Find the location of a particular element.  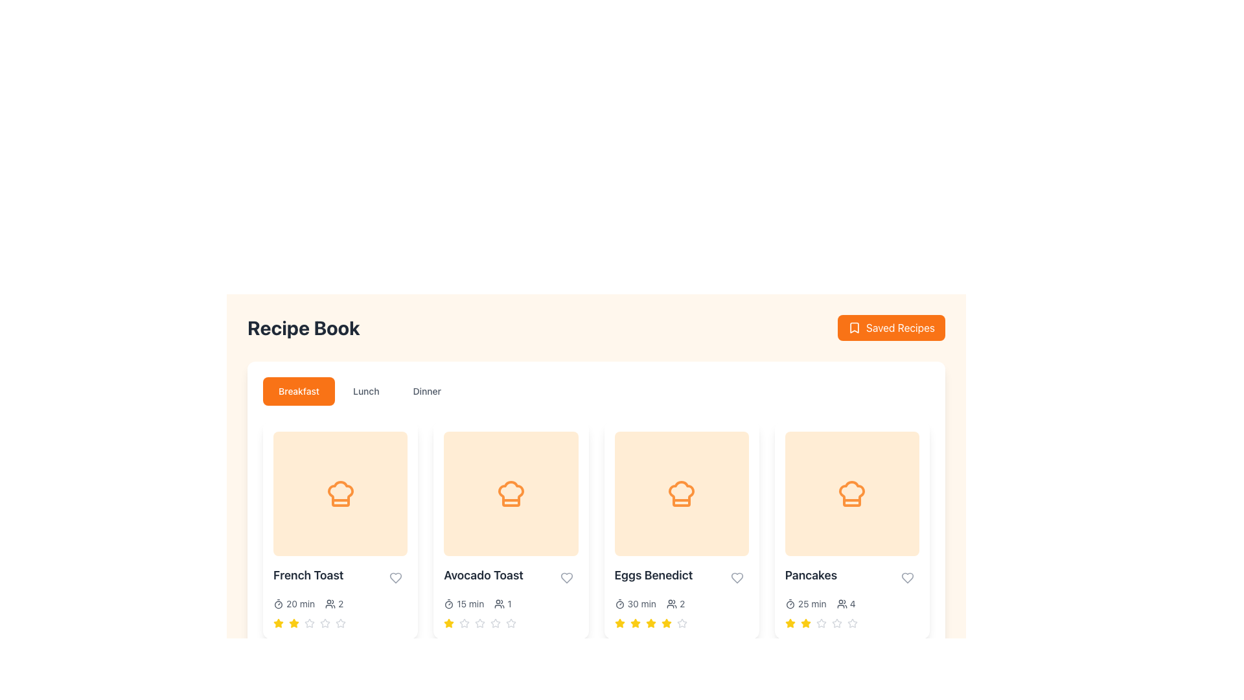

the rating stars display within the 'Pancakes' card, which consists of 5 stars where the first two are filled with yellow and the last three are gray, indicating the rating visually is located at coordinates (852, 622).